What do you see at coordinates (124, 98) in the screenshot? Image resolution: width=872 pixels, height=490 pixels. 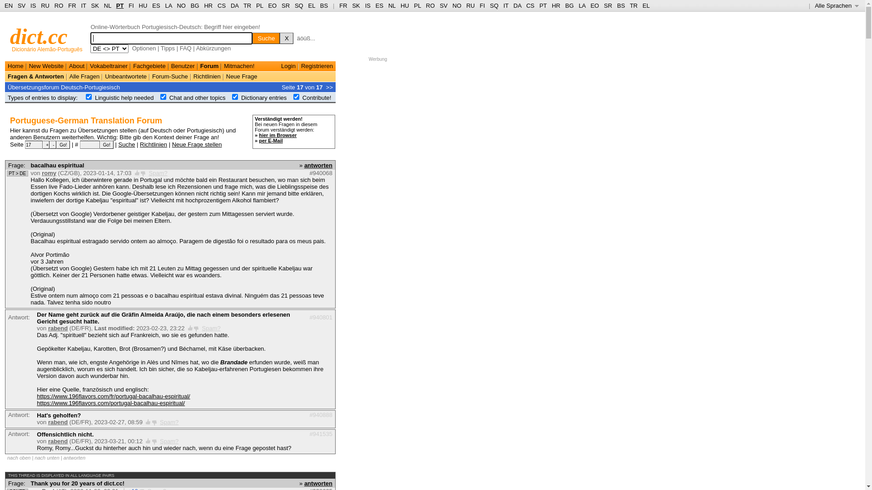 I see `'Linguistic help needed'` at bounding box center [124, 98].